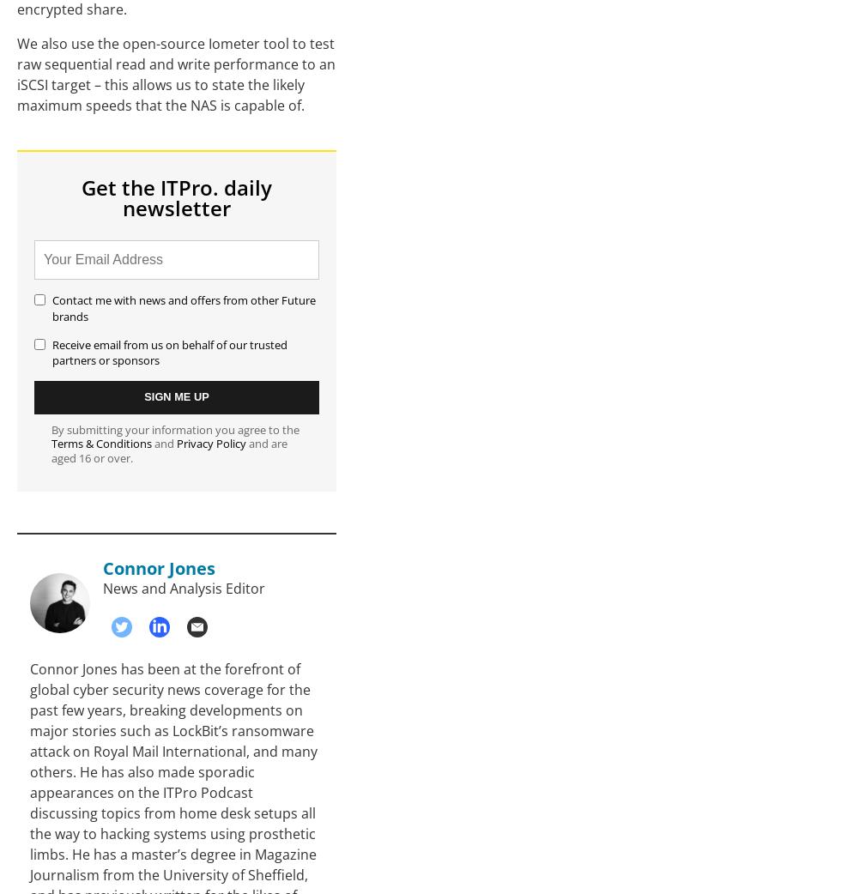  I want to click on 'By submitting your information you agree to the', so click(175, 428).